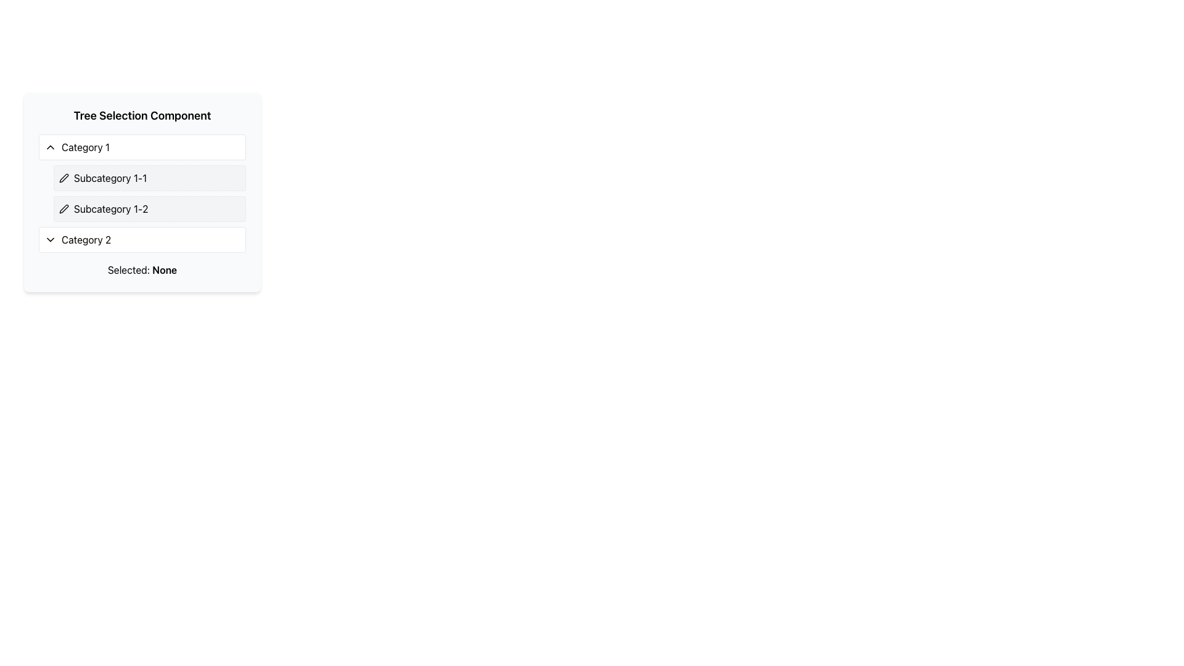 The image size is (1184, 666). Describe the element at coordinates (142, 147) in the screenshot. I see `the chevron of the topmost Dropdown item in the Tree Selection Component` at that location.